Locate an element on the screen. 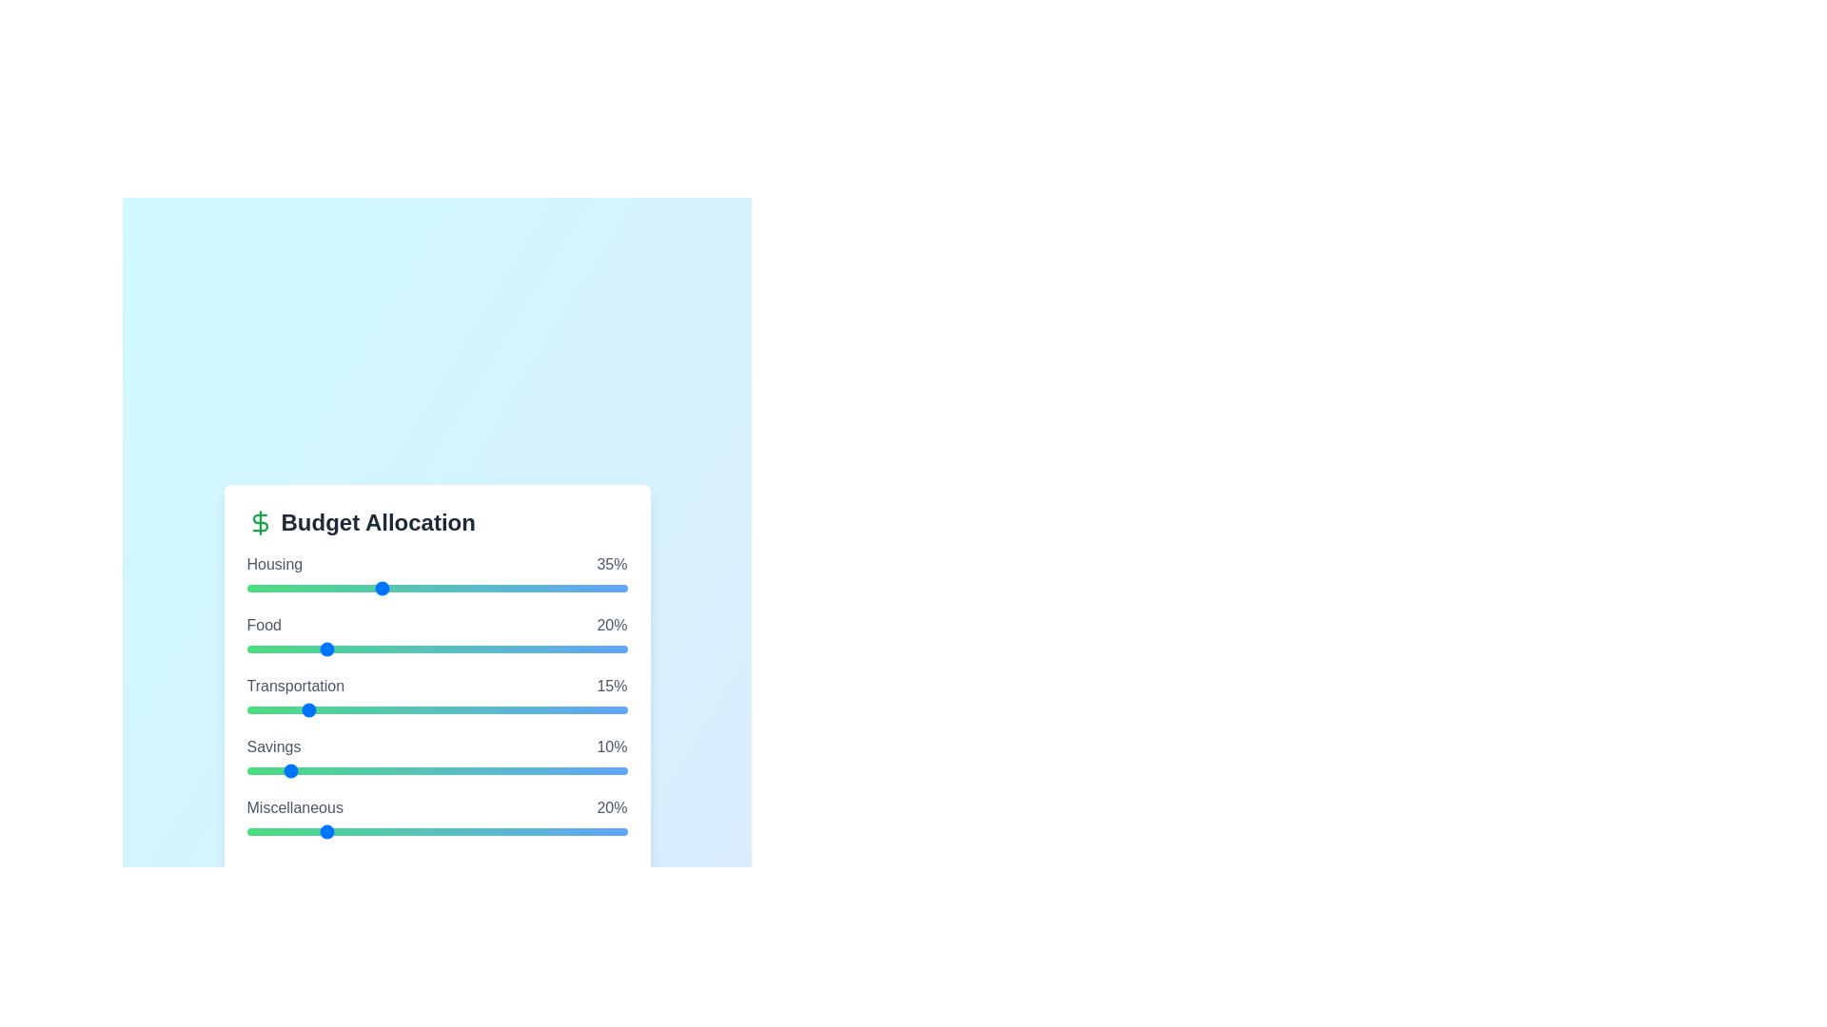  the category name Savings to focus on it is located at coordinates (273, 746).